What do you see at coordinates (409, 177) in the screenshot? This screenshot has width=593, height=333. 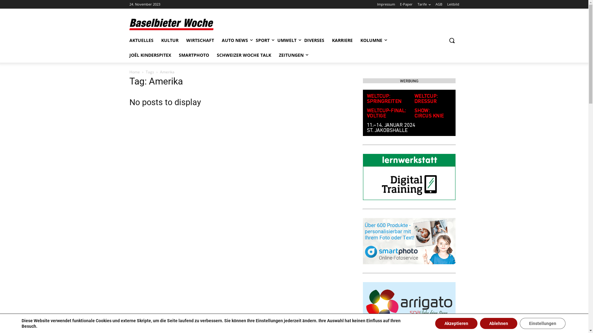 I see `'Lernwerkstatt'` at bounding box center [409, 177].